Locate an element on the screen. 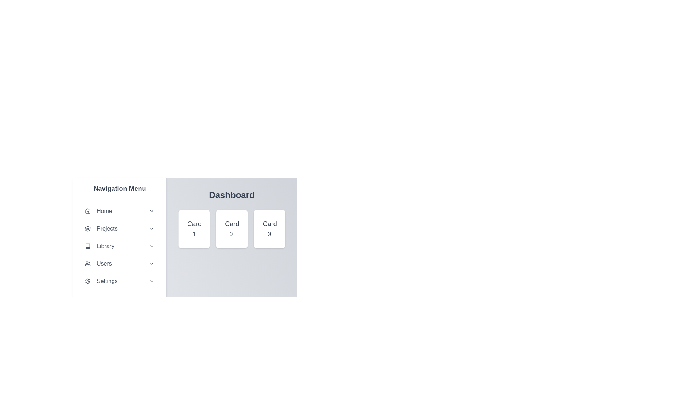 The height and width of the screenshot is (394, 700). the book icon in the vertical navigation menu labeled 'Library', positioned third below 'Home' and 'Projects' is located at coordinates (87, 246).